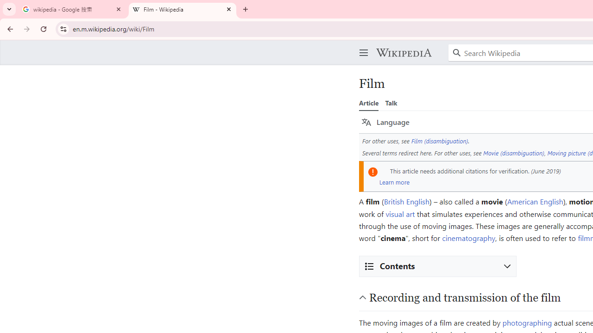 The image size is (593, 333). What do you see at coordinates (391, 103) in the screenshot?
I see `'Talk'` at bounding box center [391, 103].